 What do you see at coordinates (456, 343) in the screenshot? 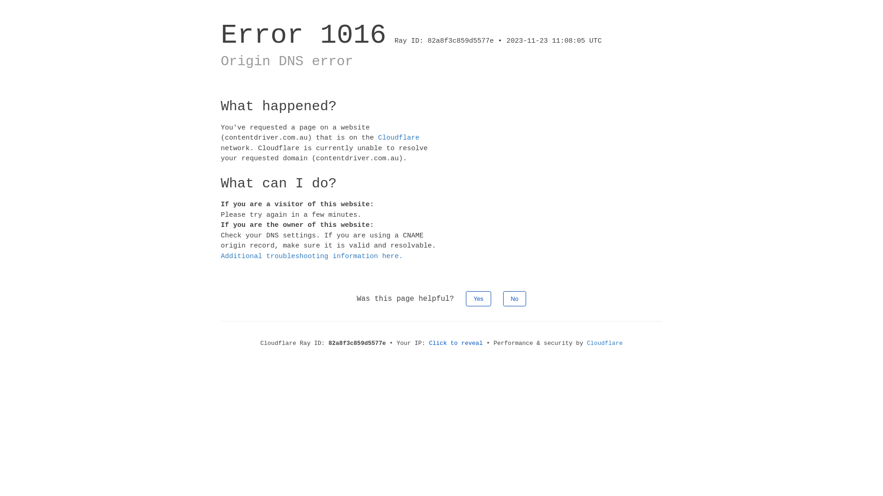
I see `'Click to reveal'` at bounding box center [456, 343].